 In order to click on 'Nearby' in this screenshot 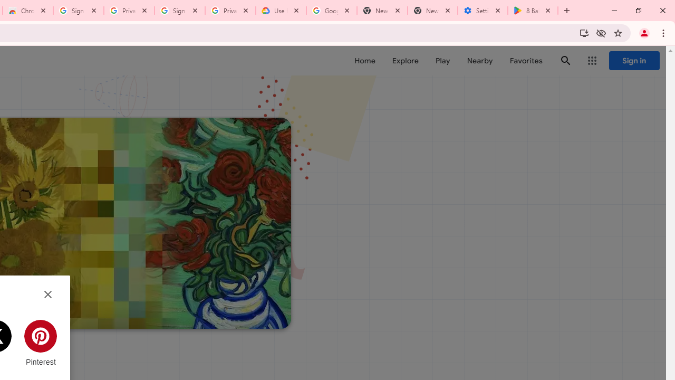, I will do `click(479, 61)`.